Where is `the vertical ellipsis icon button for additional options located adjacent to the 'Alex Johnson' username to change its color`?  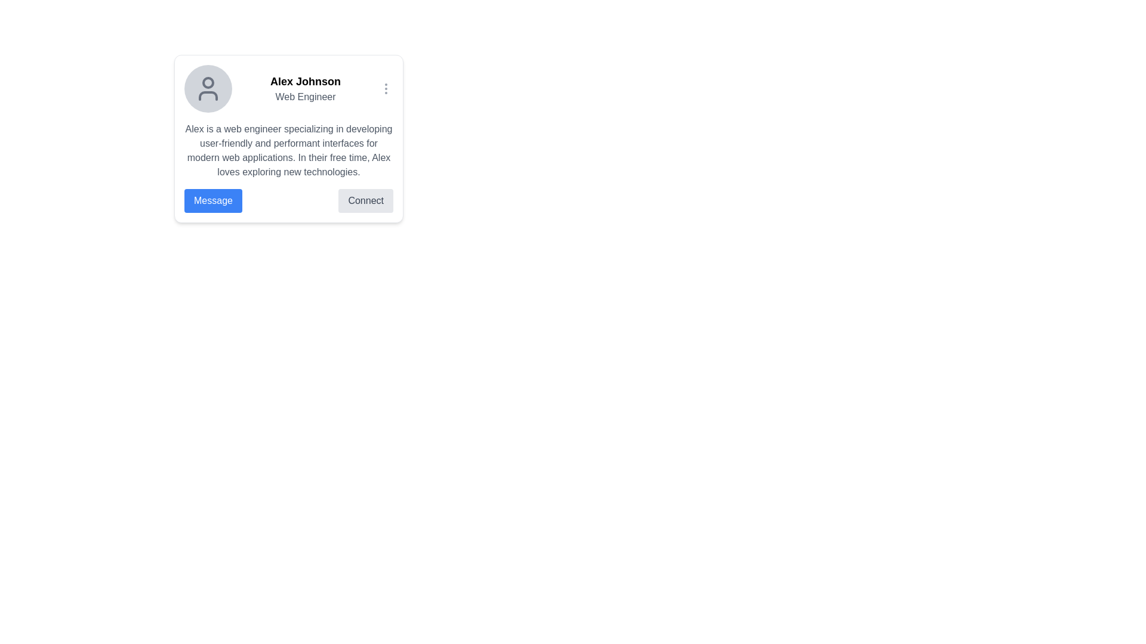 the vertical ellipsis icon button for additional options located adjacent to the 'Alex Johnson' username to change its color is located at coordinates (386, 88).